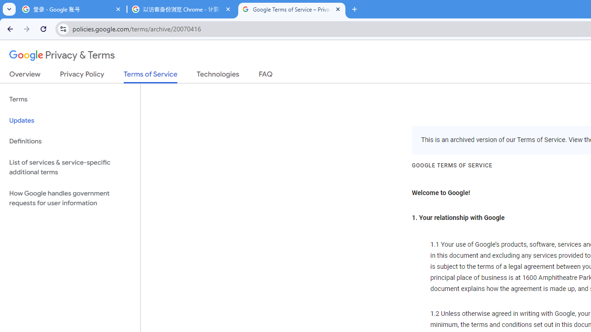 The width and height of the screenshot is (591, 332). I want to click on 'List of services & service-specific additional terms', so click(70, 167).